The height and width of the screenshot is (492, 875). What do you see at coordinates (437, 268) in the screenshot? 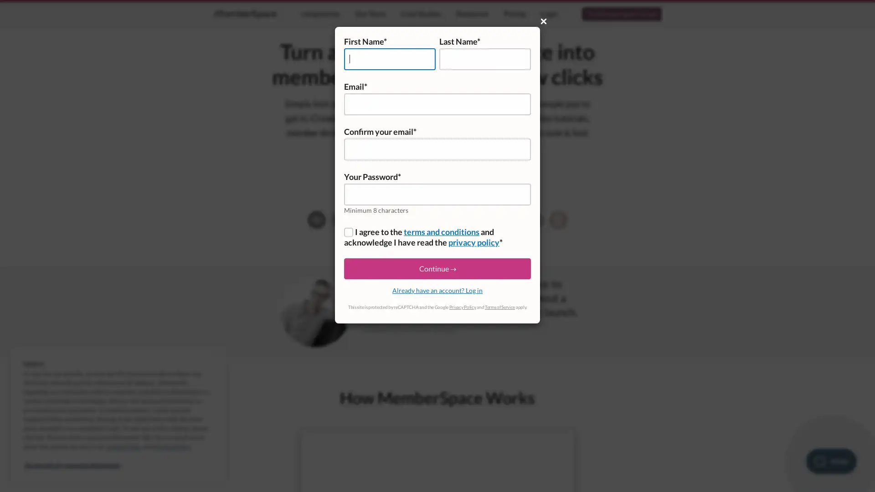
I see `Continue` at bounding box center [437, 268].